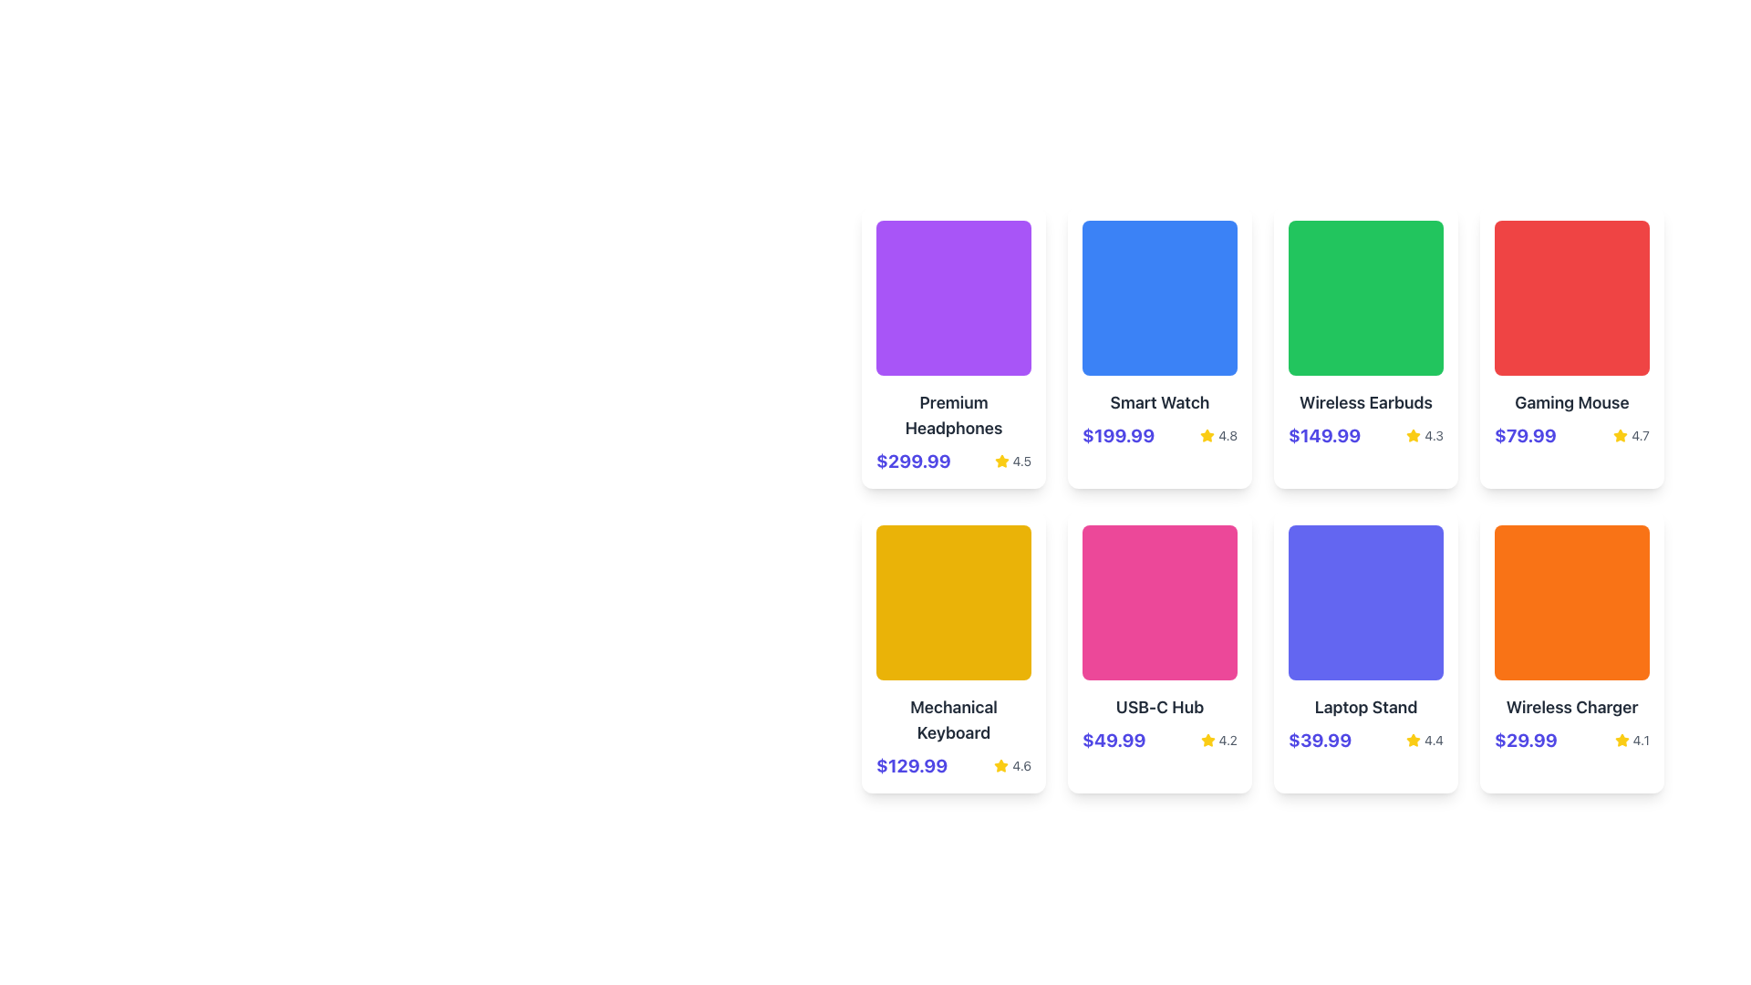 The image size is (1751, 985). I want to click on the yellow star icon located beside the text '4.4' in the product card below the 'Laptop Stand' title and price '$39.99', so click(1413, 741).